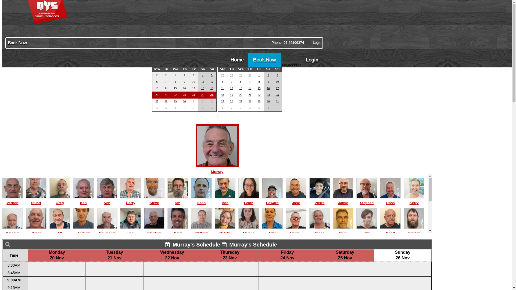 This screenshot has height=290, width=516. I want to click on '30', so click(184, 101).